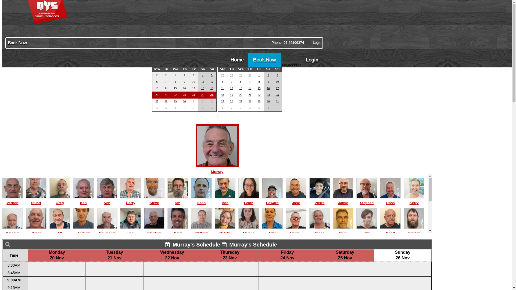 This screenshot has height=290, width=516. I want to click on '30', so click(184, 101).